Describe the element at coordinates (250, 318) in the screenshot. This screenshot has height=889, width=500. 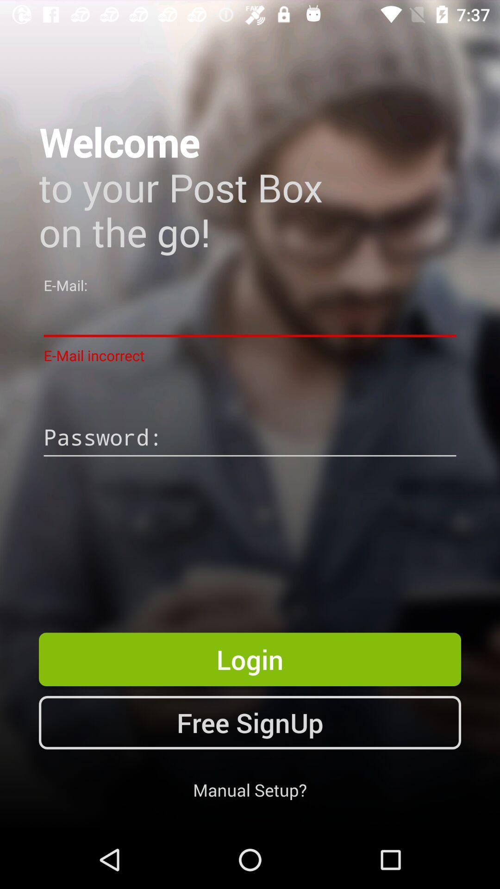
I see `the icon below the on the go!` at that location.